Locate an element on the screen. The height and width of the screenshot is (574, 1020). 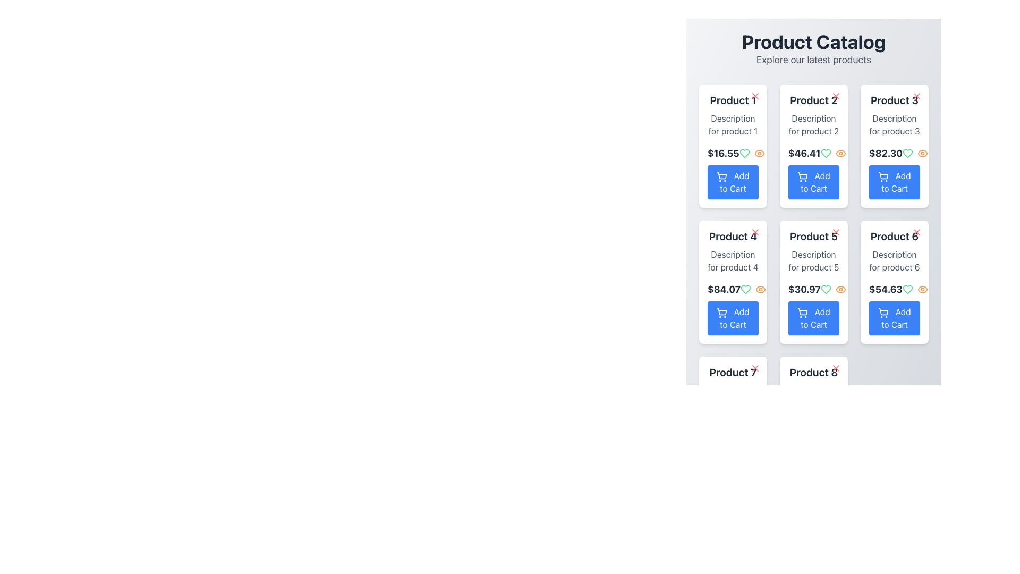
the button labeled 'Product 5' is located at coordinates (813, 317).